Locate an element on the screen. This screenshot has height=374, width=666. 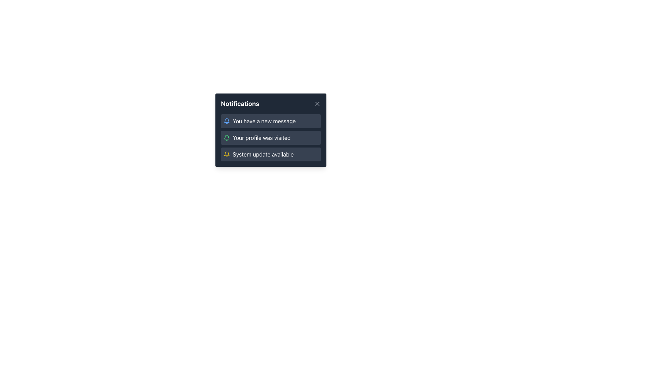
the yellow outlined bell-shaped icon representing notifications located near the top left of the notification popup window for contextual understanding is located at coordinates (227, 153).